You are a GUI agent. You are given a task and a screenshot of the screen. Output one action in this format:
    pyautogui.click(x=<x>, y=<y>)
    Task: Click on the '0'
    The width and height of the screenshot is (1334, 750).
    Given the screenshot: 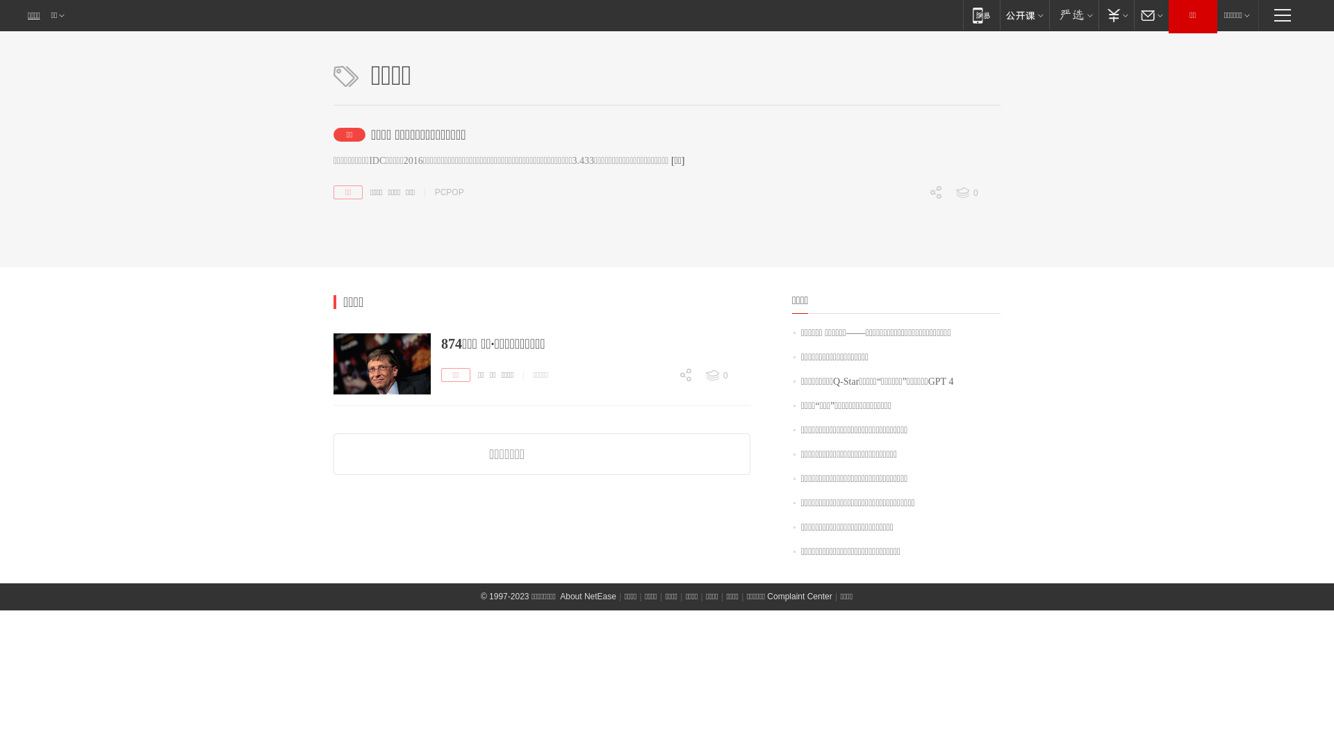 What is the action you would take?
    pyautogui.click(x=907, y=217)
    